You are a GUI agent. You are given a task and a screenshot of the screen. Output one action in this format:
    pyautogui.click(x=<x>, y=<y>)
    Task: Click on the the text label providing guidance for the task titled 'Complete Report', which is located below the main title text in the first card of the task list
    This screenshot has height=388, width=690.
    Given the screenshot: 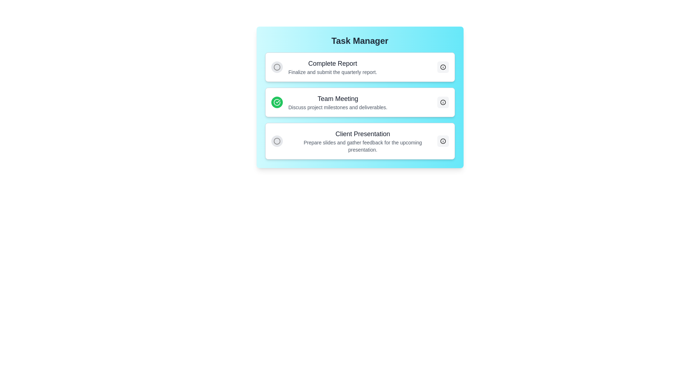 What is the action you would take?
    pyautogui.click(x=332, y=72)
    